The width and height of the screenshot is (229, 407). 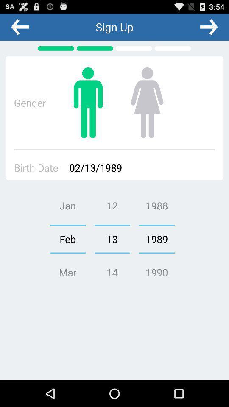 What do you see at coordinates (56, 48) in the screenshot?
I see `the page indicator icon` at bounding box center [56, 48].